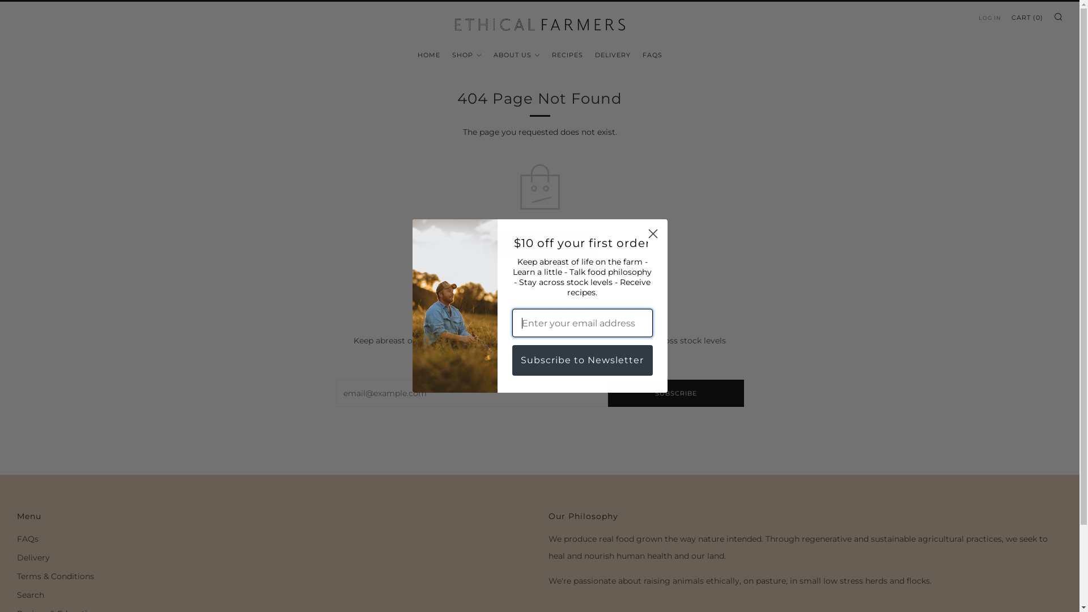 Image resolution: width=1088 pixels, height=612 pixels. I want to click on 'Delivery', so click(33, 556).